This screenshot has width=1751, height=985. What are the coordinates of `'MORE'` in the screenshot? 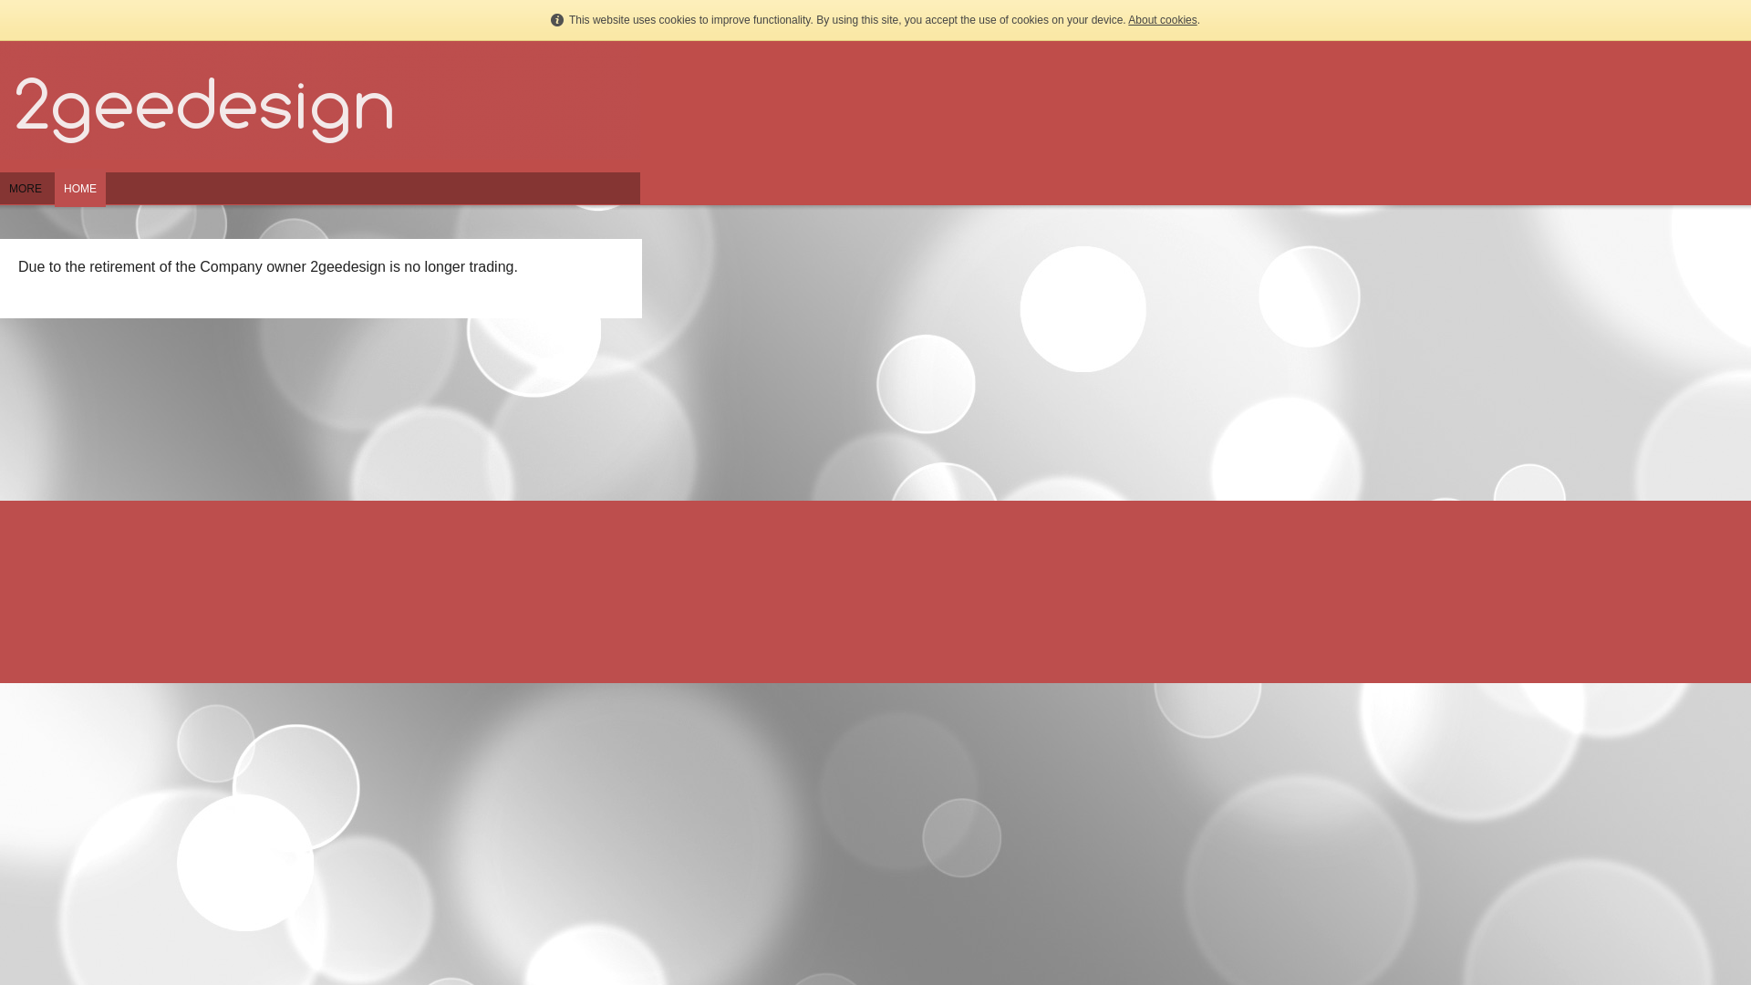 It's located at (26, 197).